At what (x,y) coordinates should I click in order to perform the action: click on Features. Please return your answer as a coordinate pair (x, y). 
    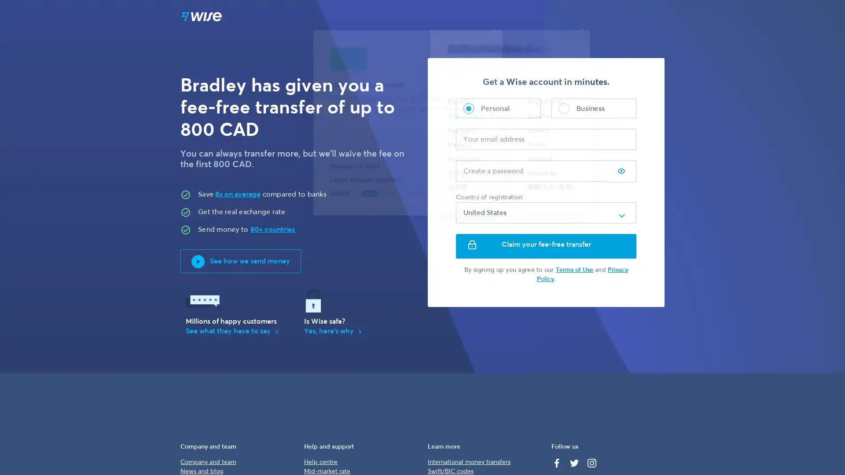
    Looking at the image, I should click on (485, 17).